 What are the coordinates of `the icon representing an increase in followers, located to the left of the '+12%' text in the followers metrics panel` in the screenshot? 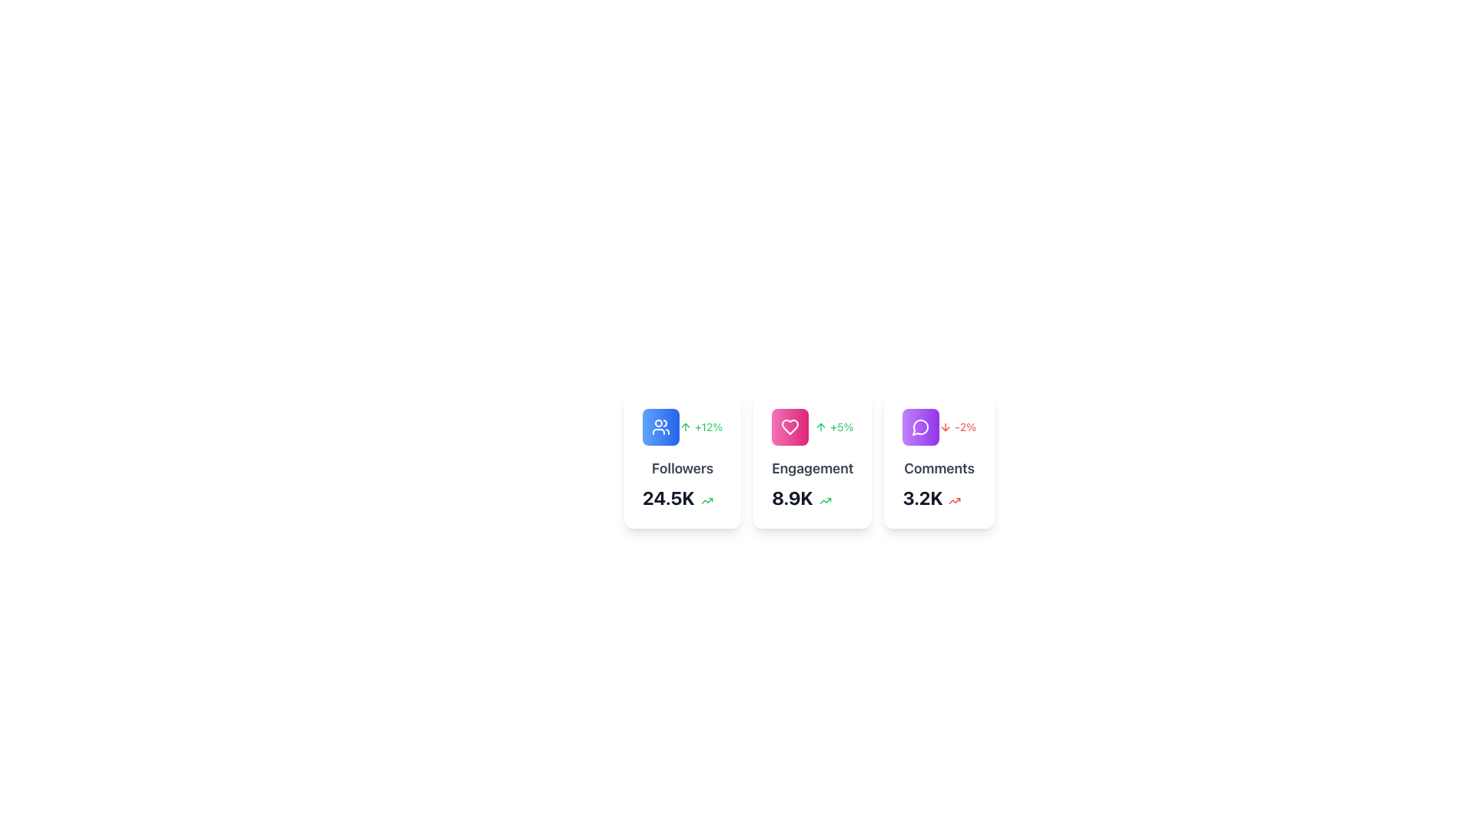 It's located at (685, 427).